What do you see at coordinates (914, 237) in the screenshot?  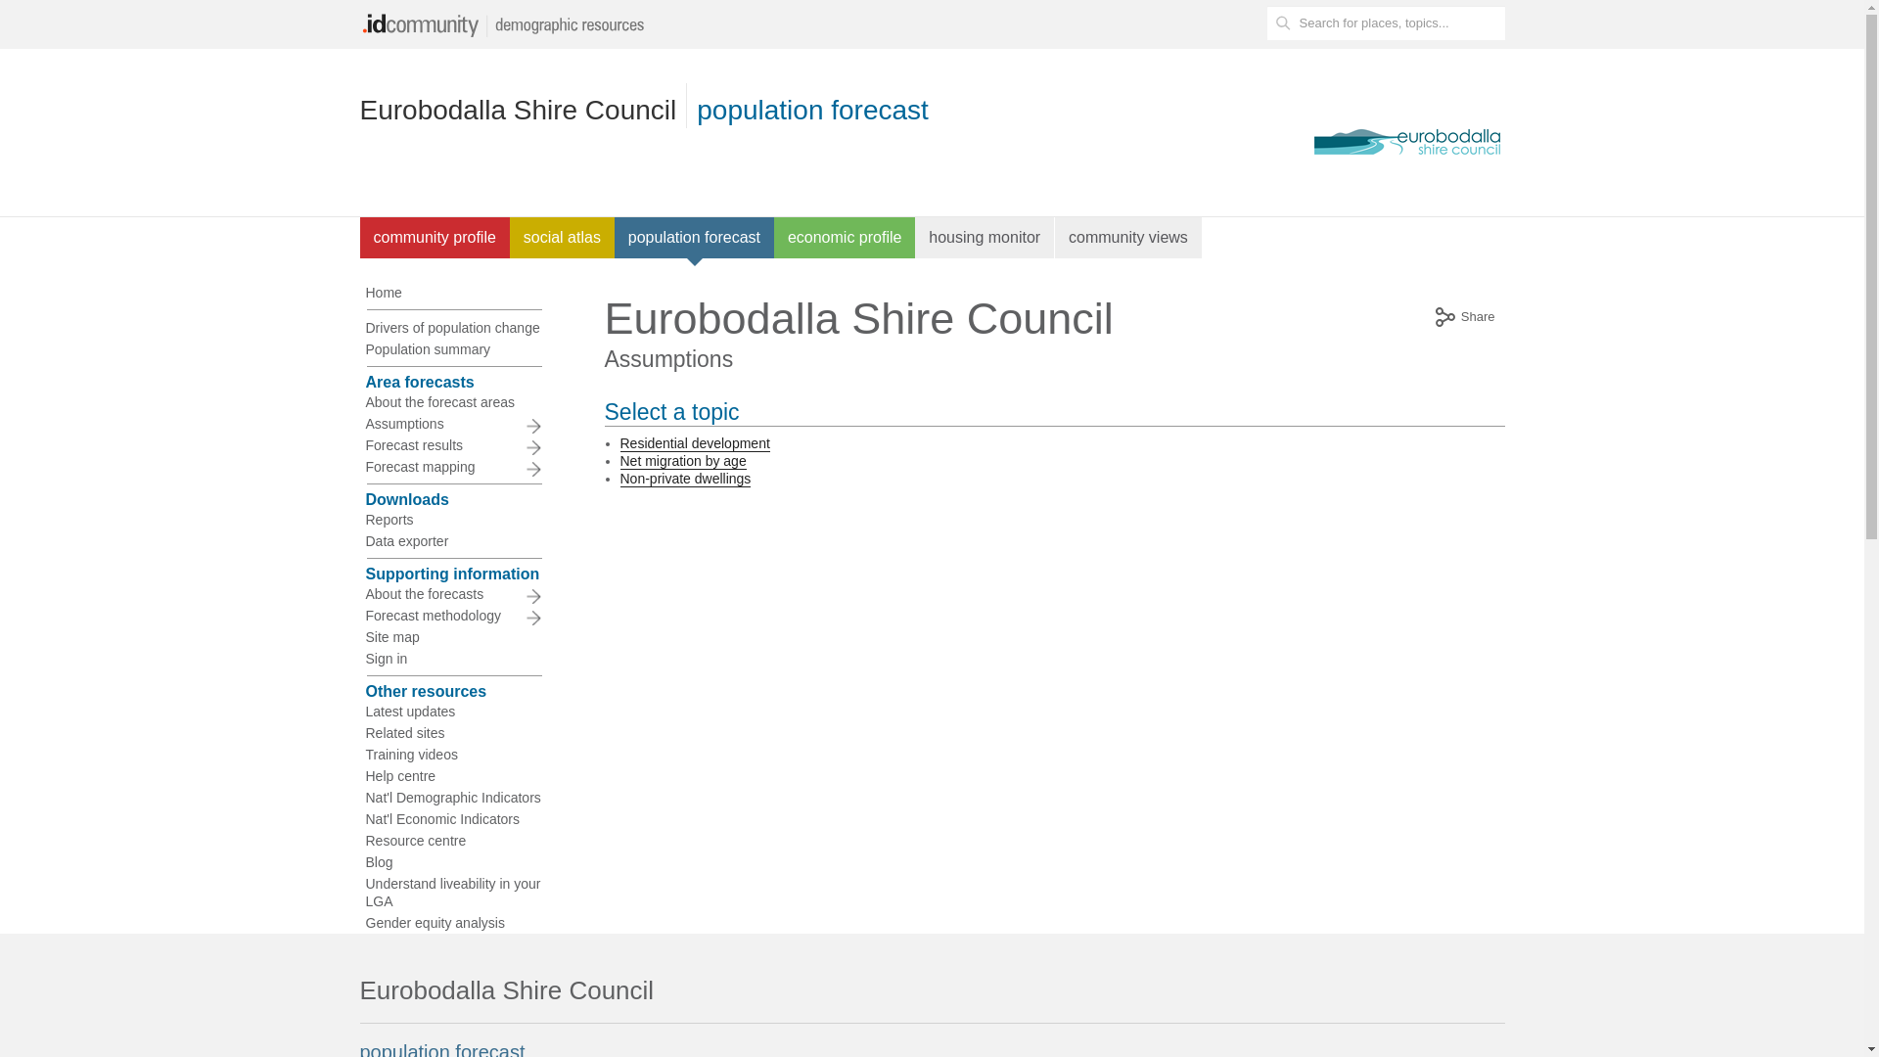 I see `'housing monitor'` at bounding box center [914, 237].